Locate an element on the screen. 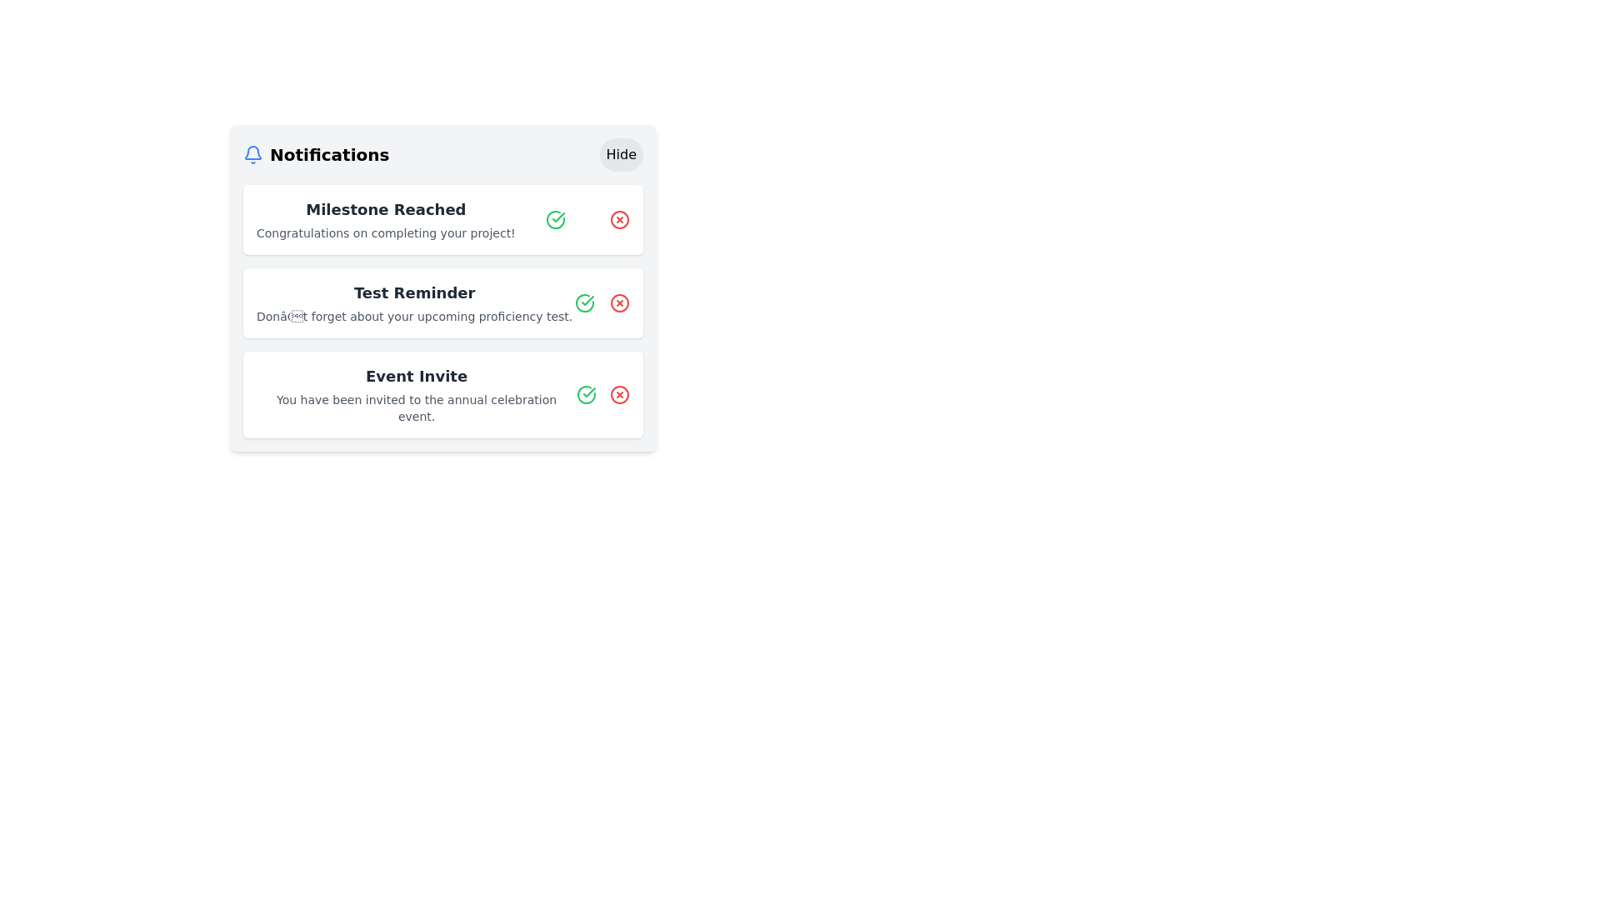 The image size is (1600, 900). the circular red outlined icon with a red 'X' centered within it, located in the top-right corner of the 'Milestone Reached' notification card is located at coordinates (619, 218).